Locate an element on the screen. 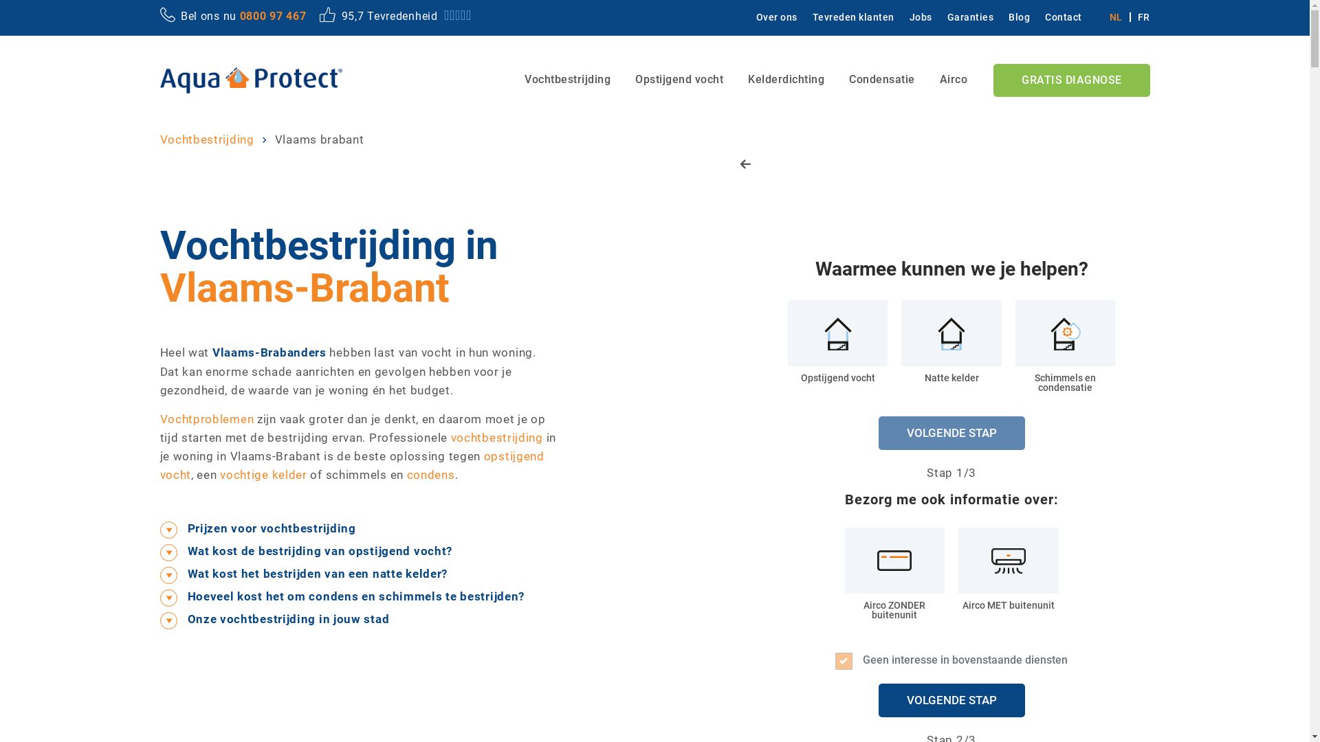 This screenshot has width=1320, height=742. 'vochtige kelder' is located at coordinates (220, 473).